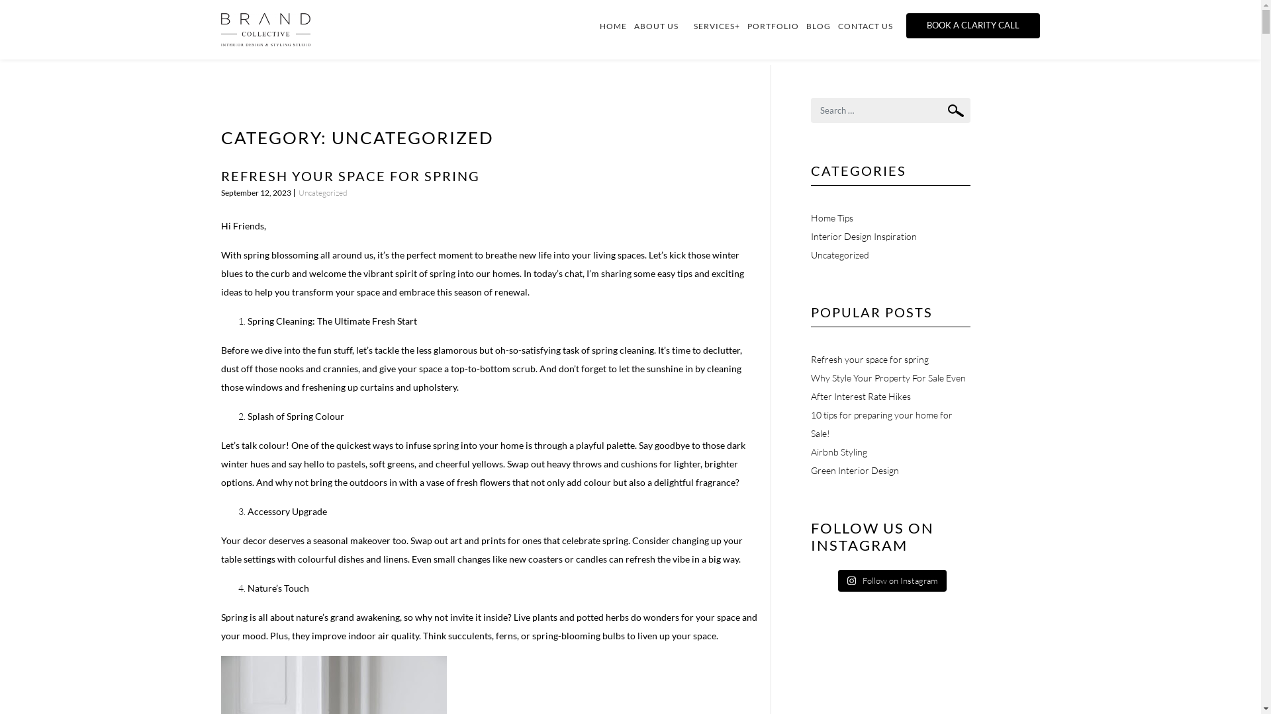 This screenshot has width=1271, height=714. What do you see at coordinates (864, 235) in the screenshot?
I see `'Interior Design Inspiration'` at bounding box center [864, 235].